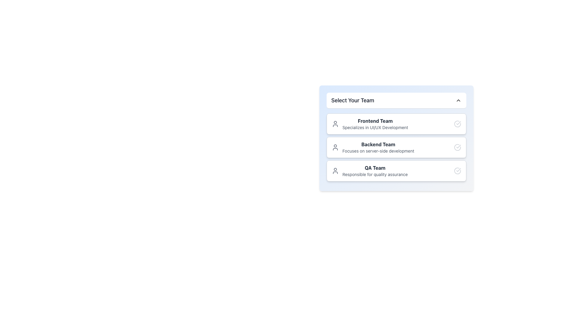 Image resolution: width=578 pixels, height=325 pixels. Describe the element at coordinates (375, 171) in the screenshot. I see `the Text Block displaying the name and description of the QA Team, which is the third entry in the vertical list of team descriptions` at that location.